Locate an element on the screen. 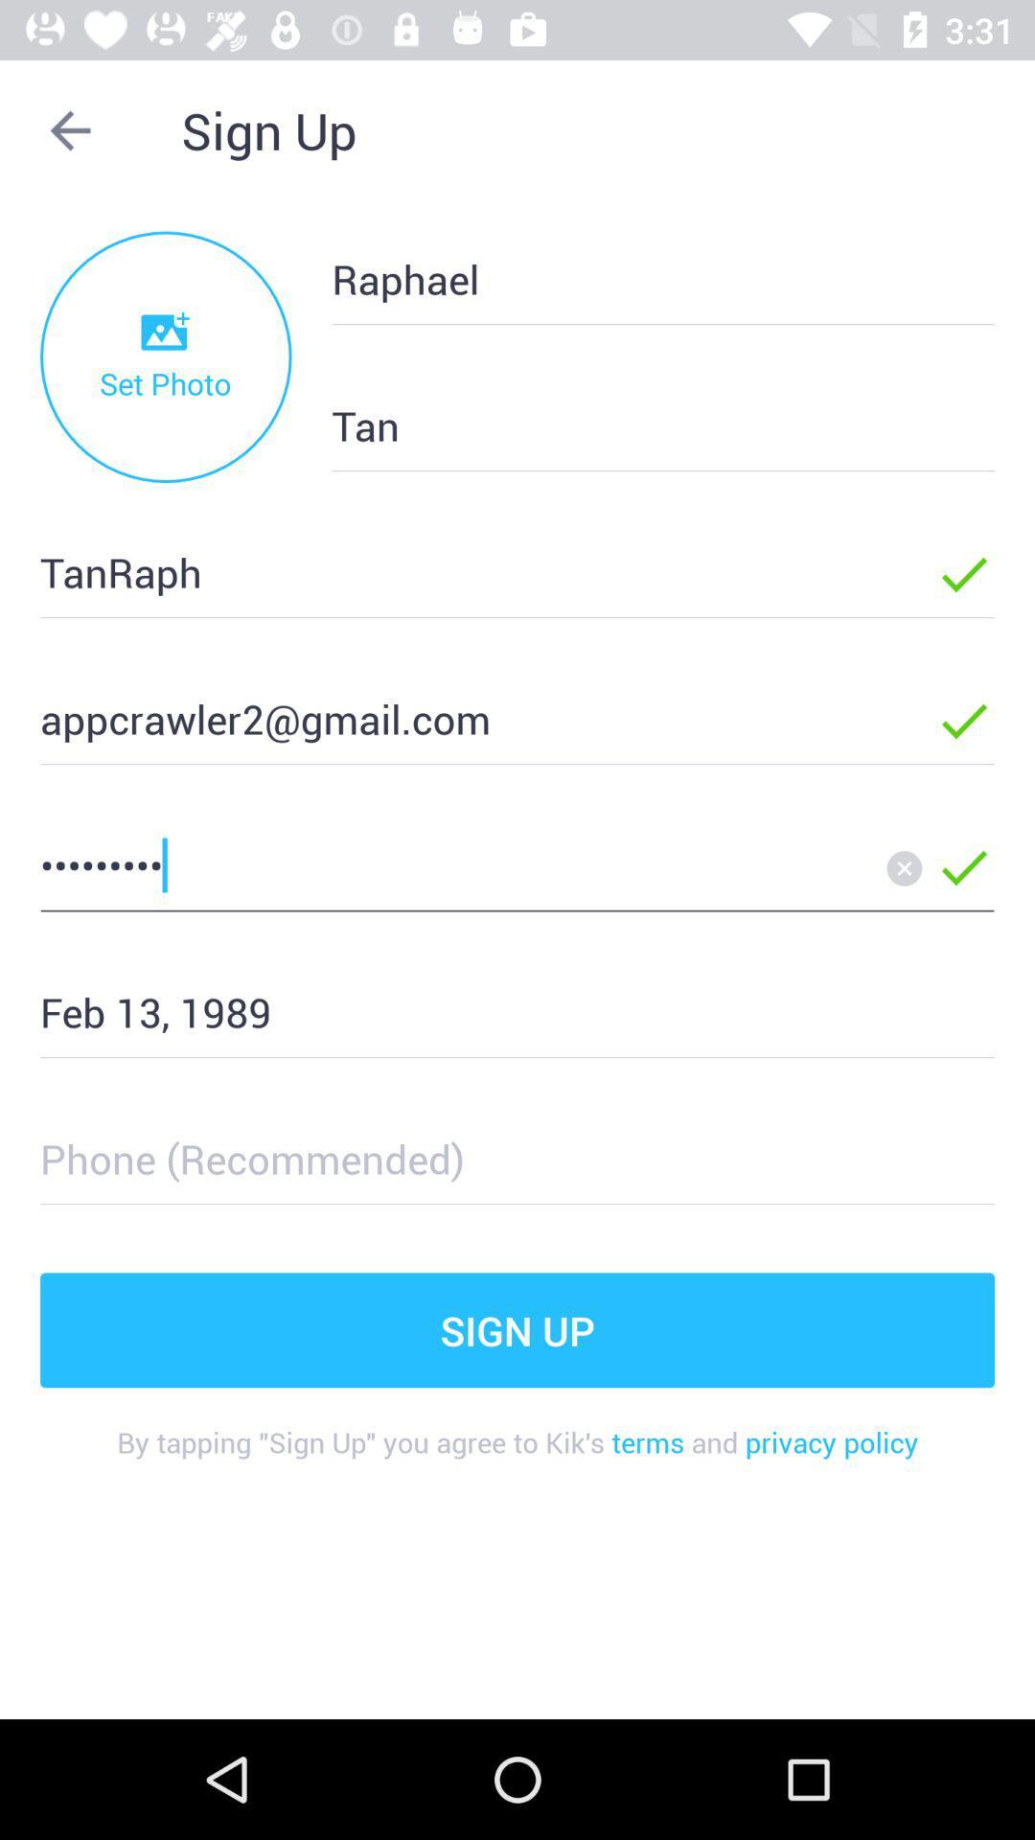  item below sign up icon is located at coordinates (517, 1457).